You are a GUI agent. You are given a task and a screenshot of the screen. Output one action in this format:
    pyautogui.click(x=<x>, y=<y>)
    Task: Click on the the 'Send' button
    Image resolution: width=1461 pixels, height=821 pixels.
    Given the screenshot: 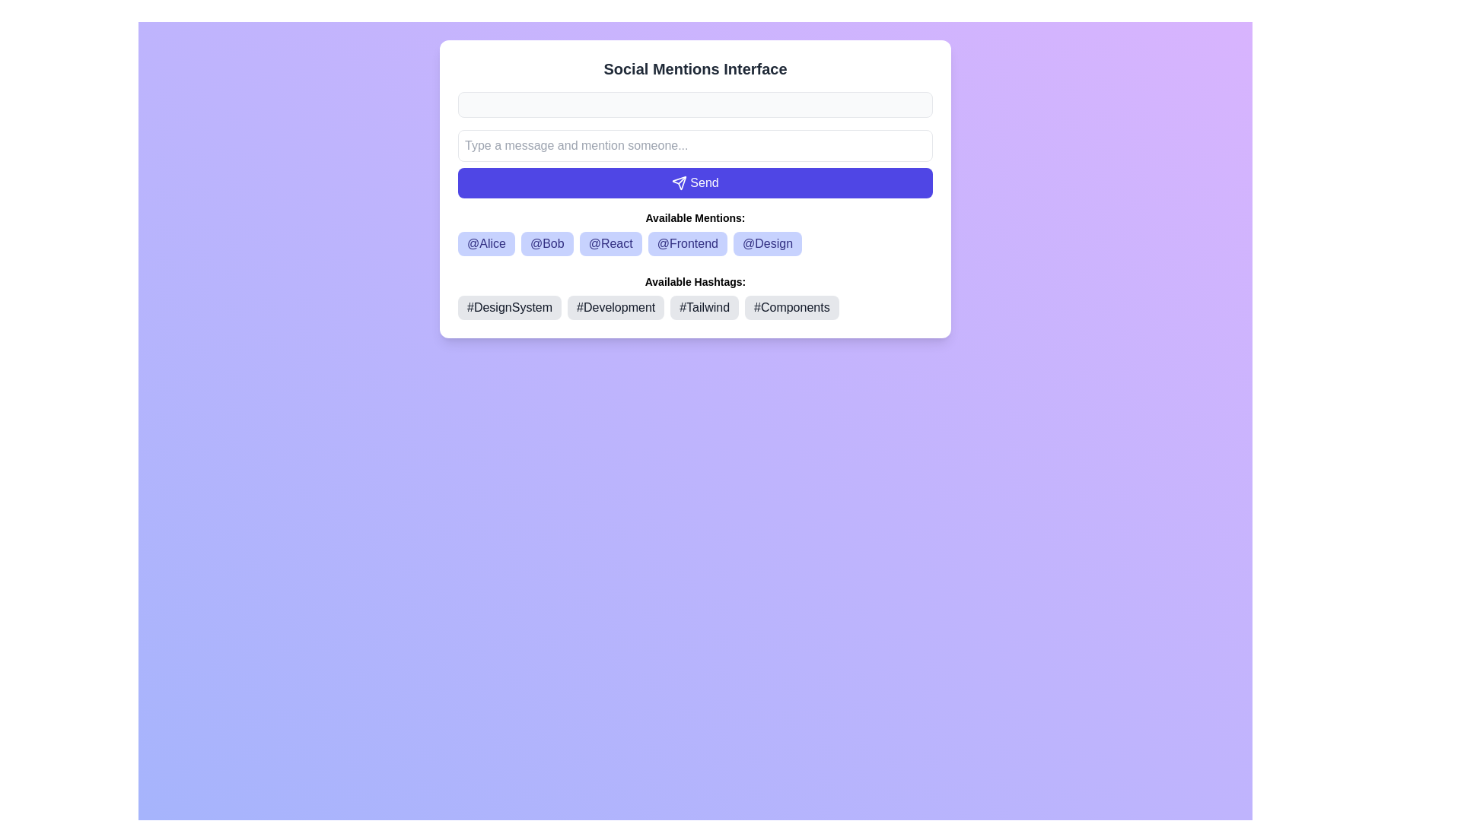 What is the action you would take?
    pyautogui.click(x=694, y=189)
    